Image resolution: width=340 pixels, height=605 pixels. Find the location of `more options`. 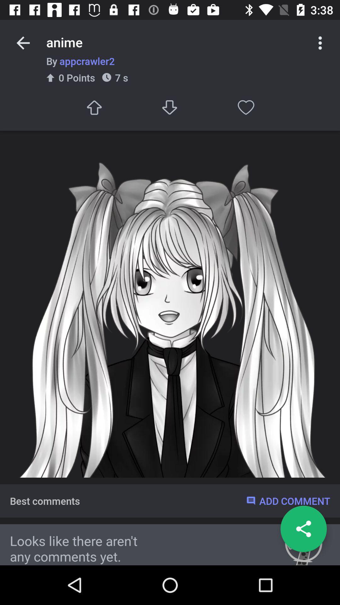

more options is located at coordinates (320, 43).